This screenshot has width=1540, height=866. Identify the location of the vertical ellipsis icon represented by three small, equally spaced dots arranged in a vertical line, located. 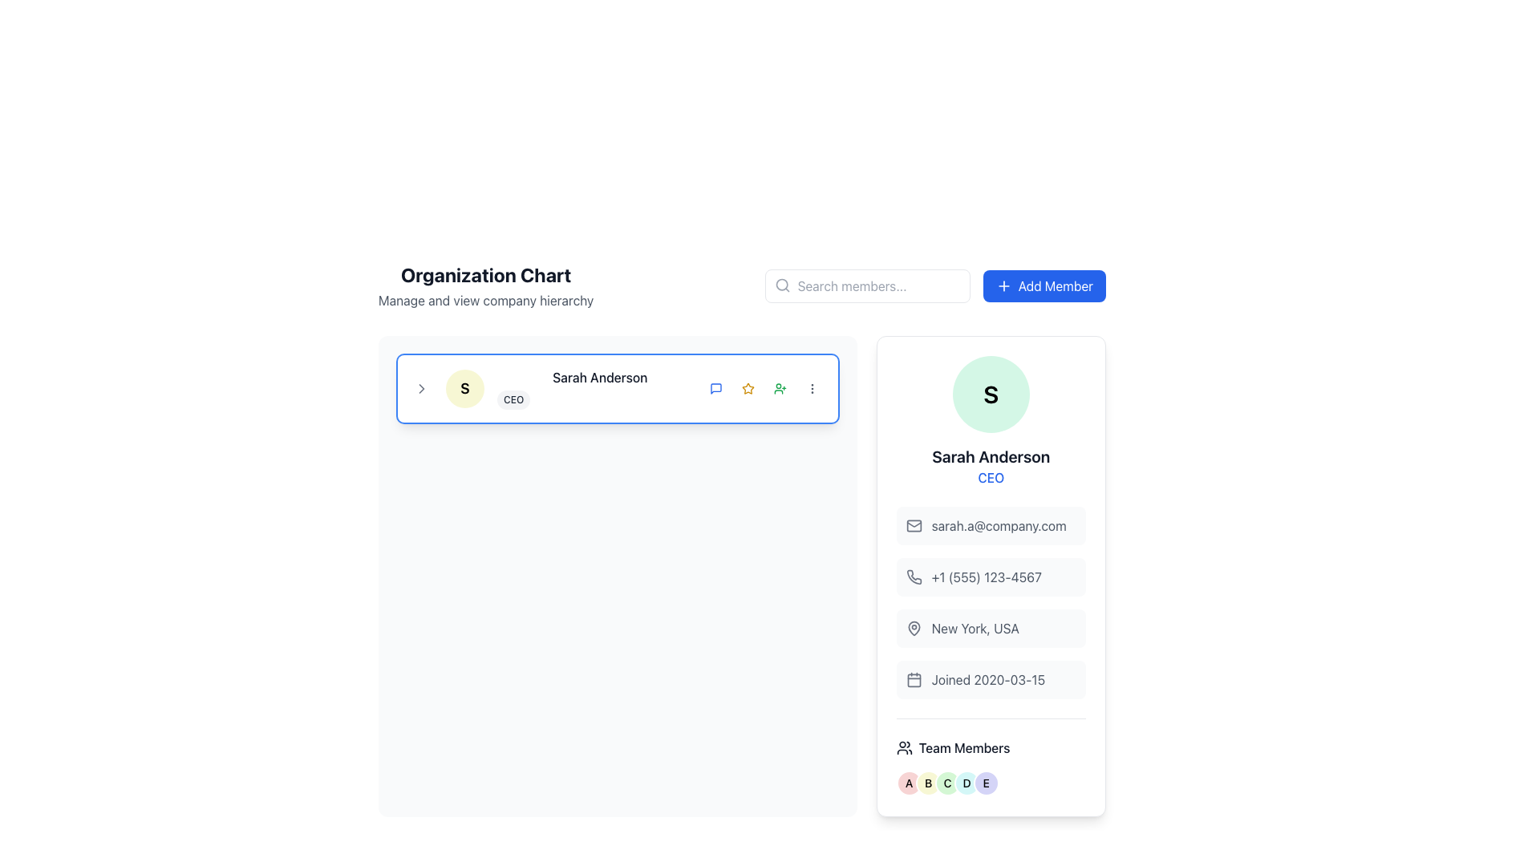
(812, 389).